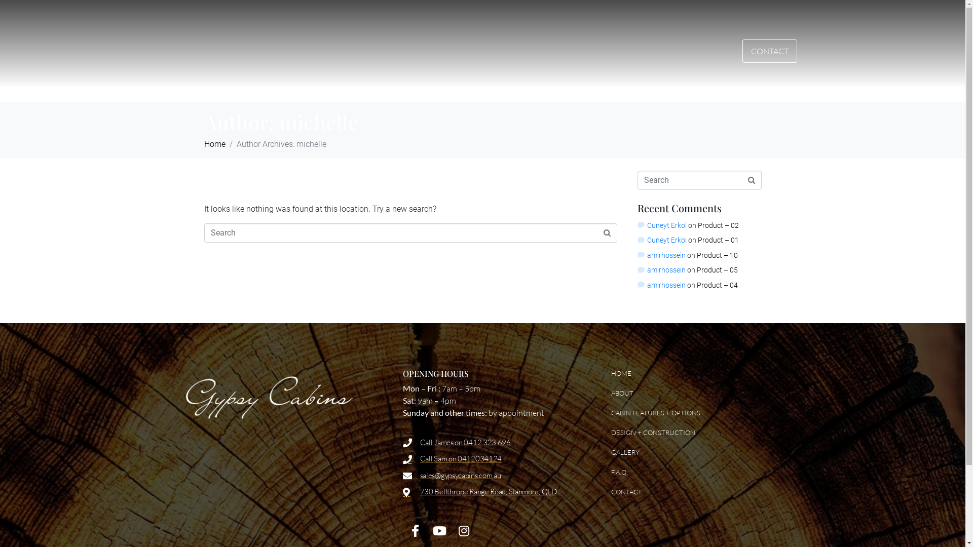  I want to click on 'CONTACT', so click(769, 51).